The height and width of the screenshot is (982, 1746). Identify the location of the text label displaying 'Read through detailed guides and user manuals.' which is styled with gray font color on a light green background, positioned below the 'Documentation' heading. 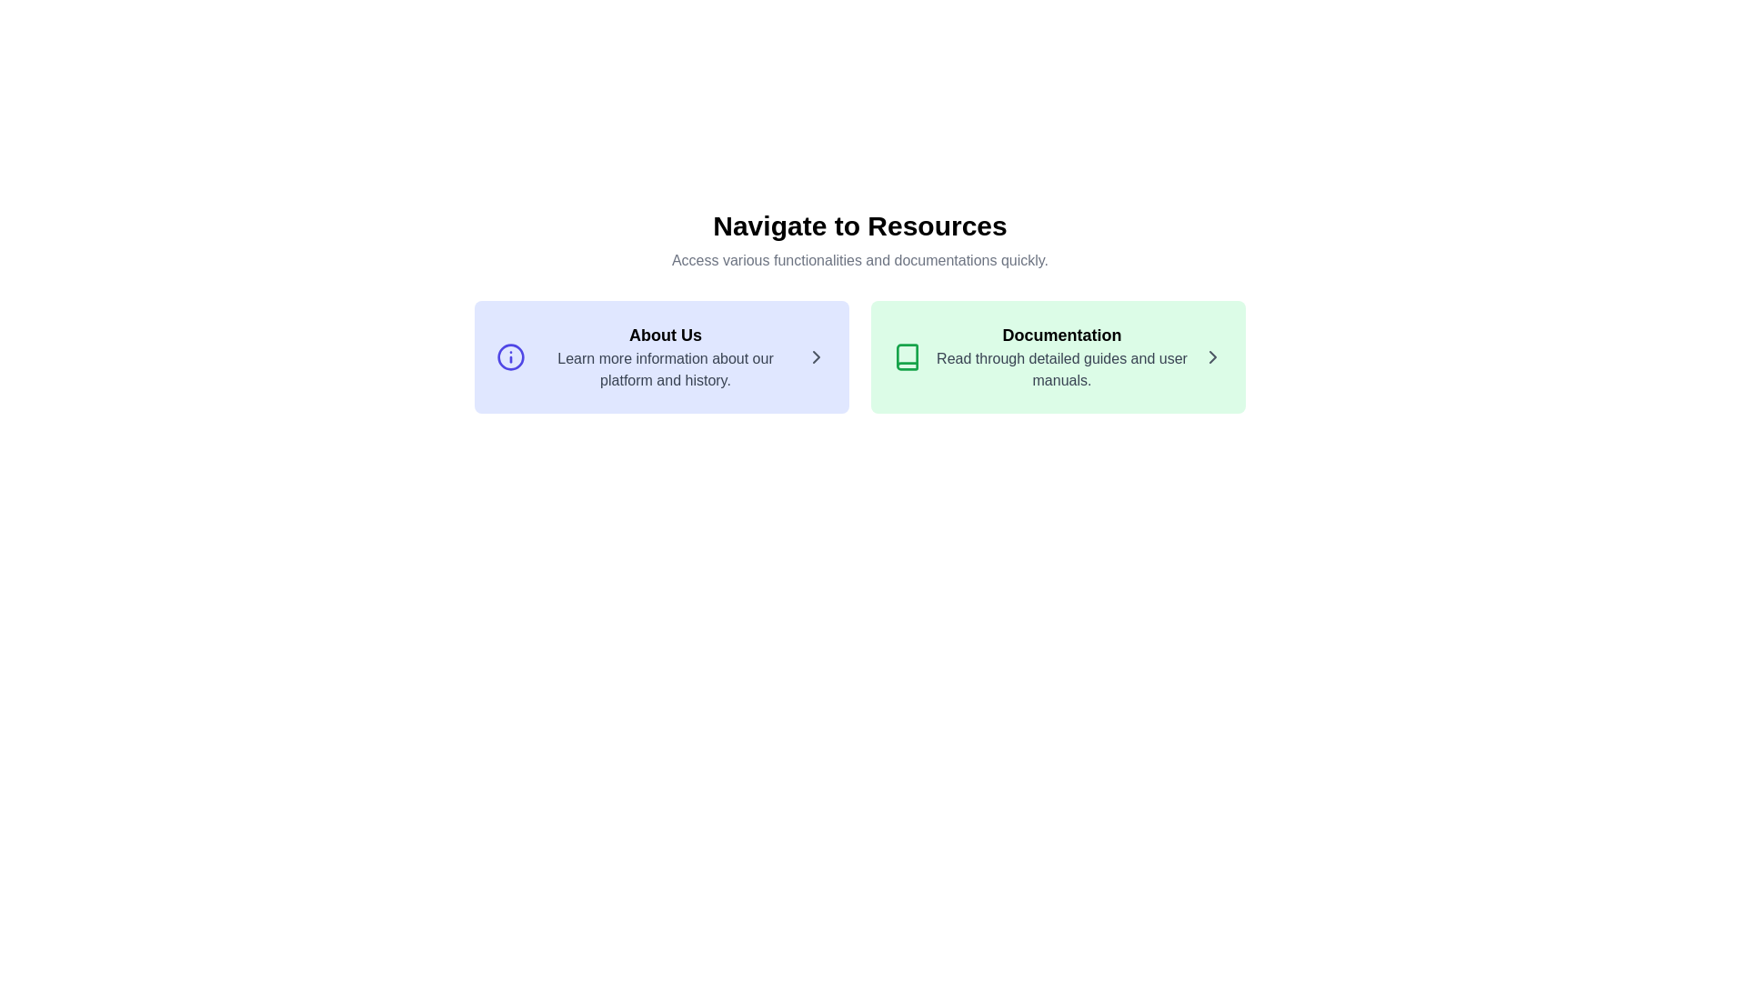
(1061, 369).